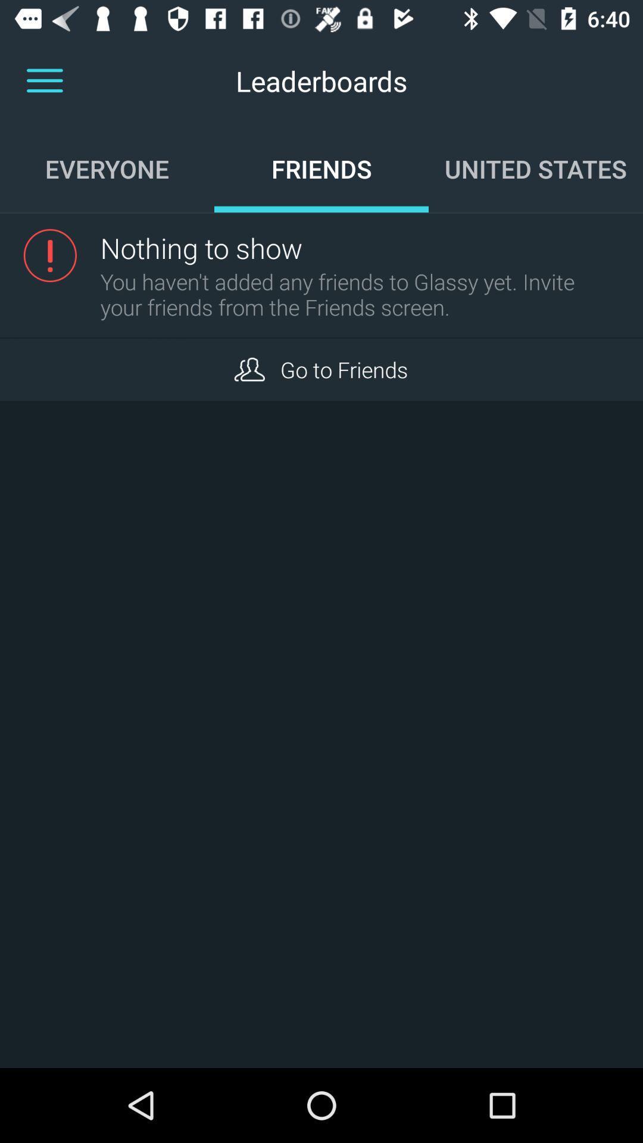  I want to click on options drop down, so click(44, 80).